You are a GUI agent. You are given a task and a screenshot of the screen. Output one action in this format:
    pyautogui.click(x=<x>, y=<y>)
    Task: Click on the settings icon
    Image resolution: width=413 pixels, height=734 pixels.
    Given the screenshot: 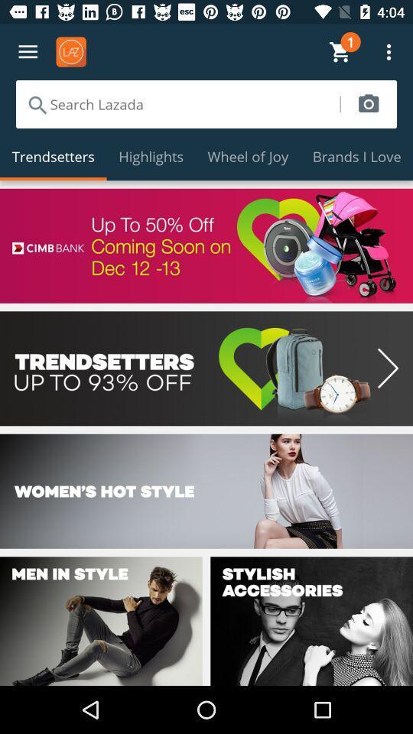 What is the action you would take?
    pyautogui.click(x=28, y=52)
    